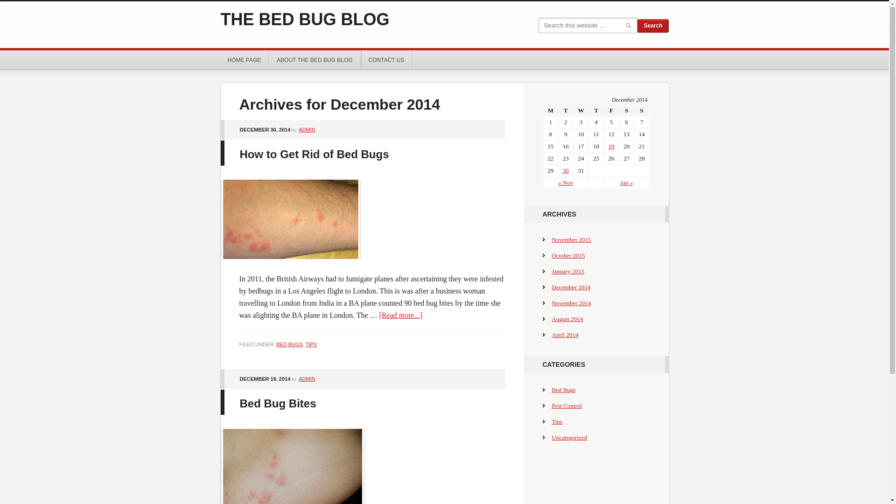  What do you see at coordinates (315, 60) in the screenshot?
I see `'ABOUT THE BED BUG BLOG'` at bounding box center [315, 60].